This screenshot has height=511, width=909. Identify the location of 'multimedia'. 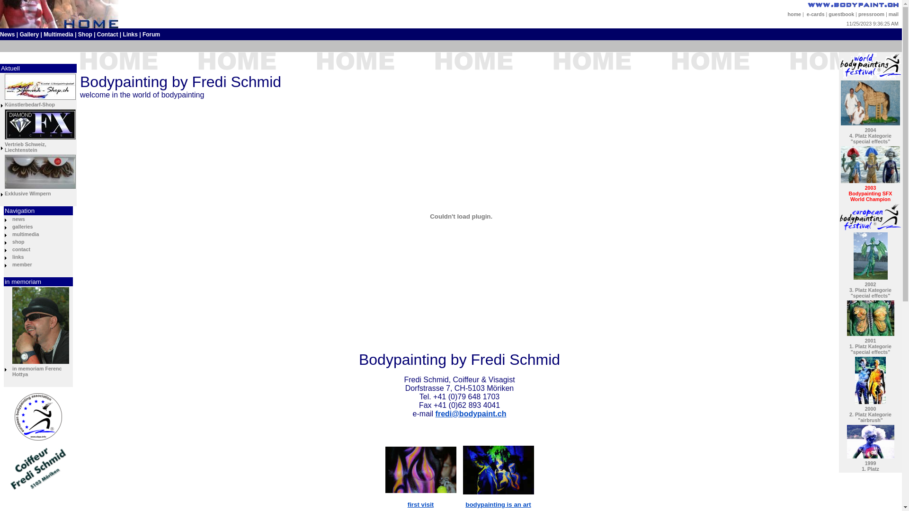
(25, 234).